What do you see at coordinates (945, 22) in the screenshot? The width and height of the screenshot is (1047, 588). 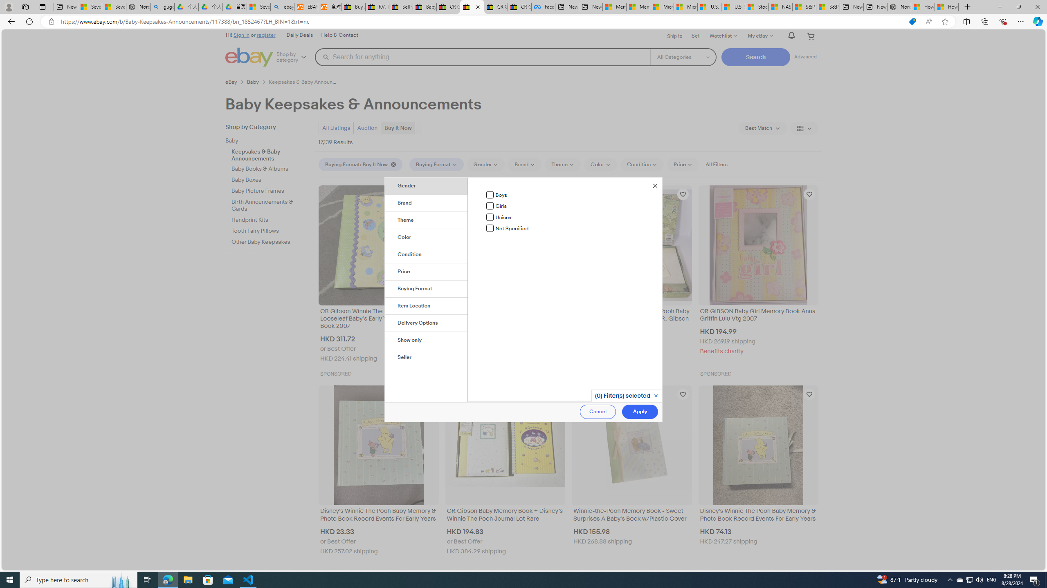 I see `'Add this page to favorites (Ctrl+D)'` at bounding box center [945, 22].